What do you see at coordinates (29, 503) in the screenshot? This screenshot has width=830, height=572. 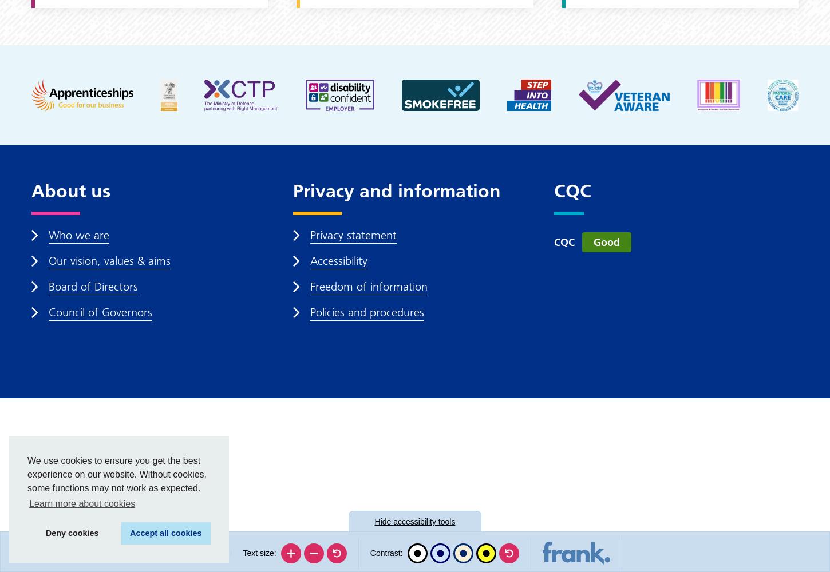 I see `'Learn more about cookies'` at bounding box center [29, 503].